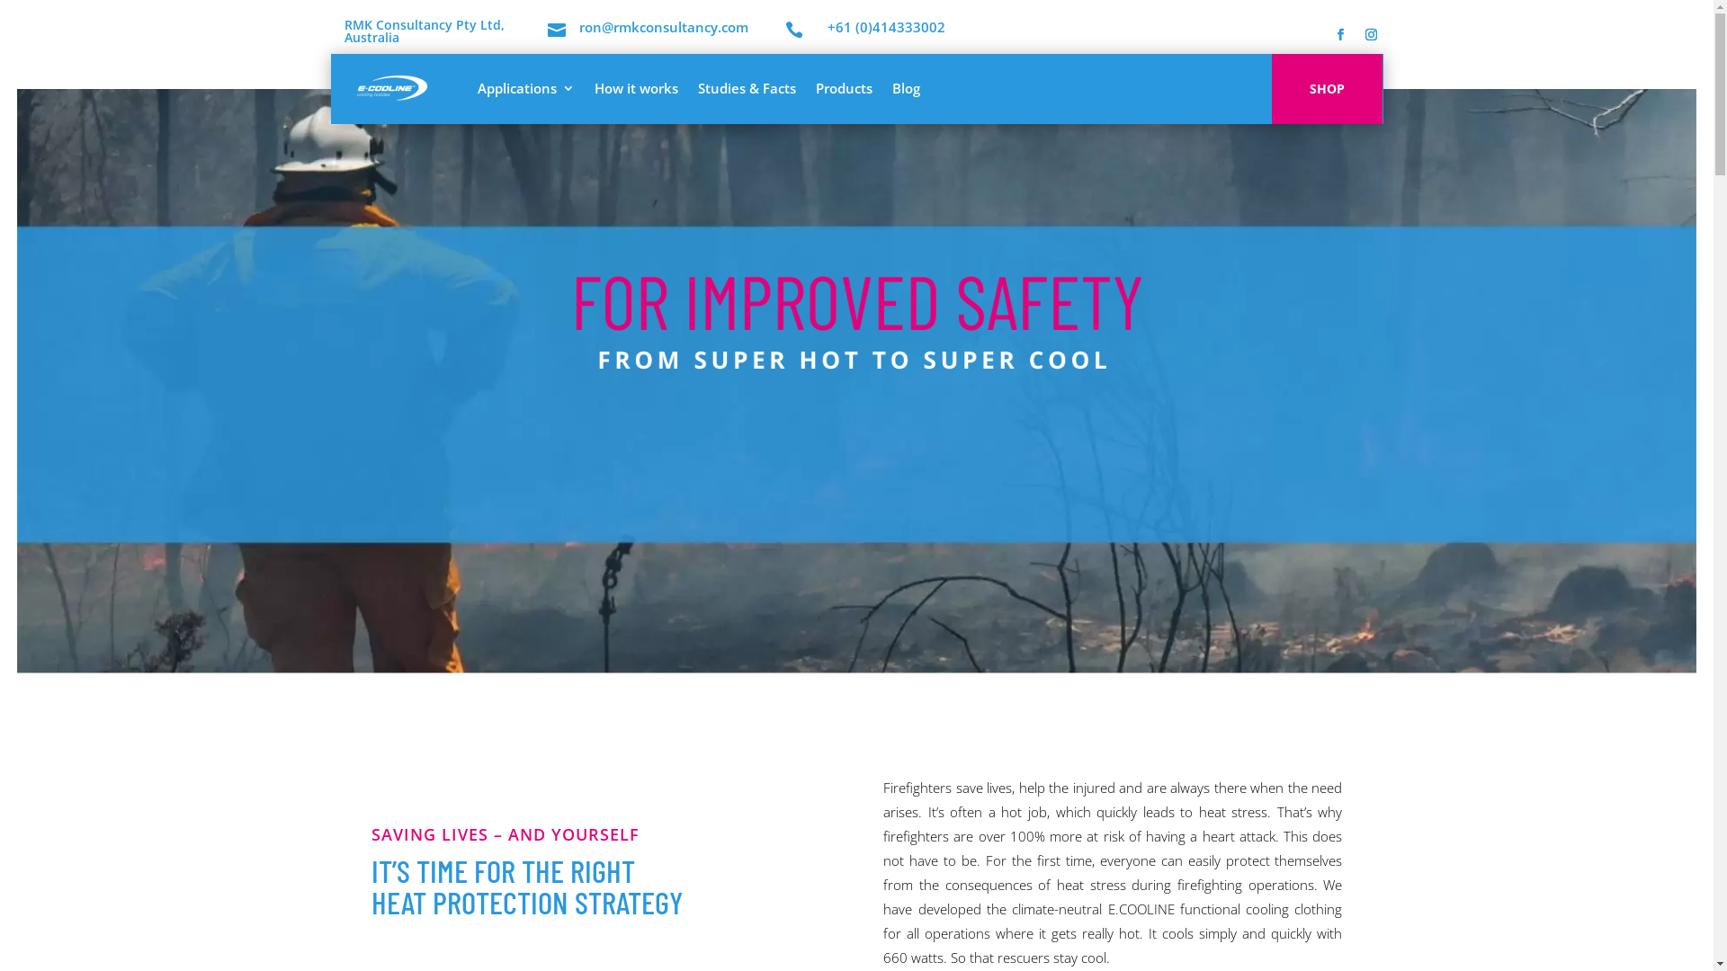 The image size is (1727, 971). I want to click on 'Follow on Facebook', so click(1339, 34).